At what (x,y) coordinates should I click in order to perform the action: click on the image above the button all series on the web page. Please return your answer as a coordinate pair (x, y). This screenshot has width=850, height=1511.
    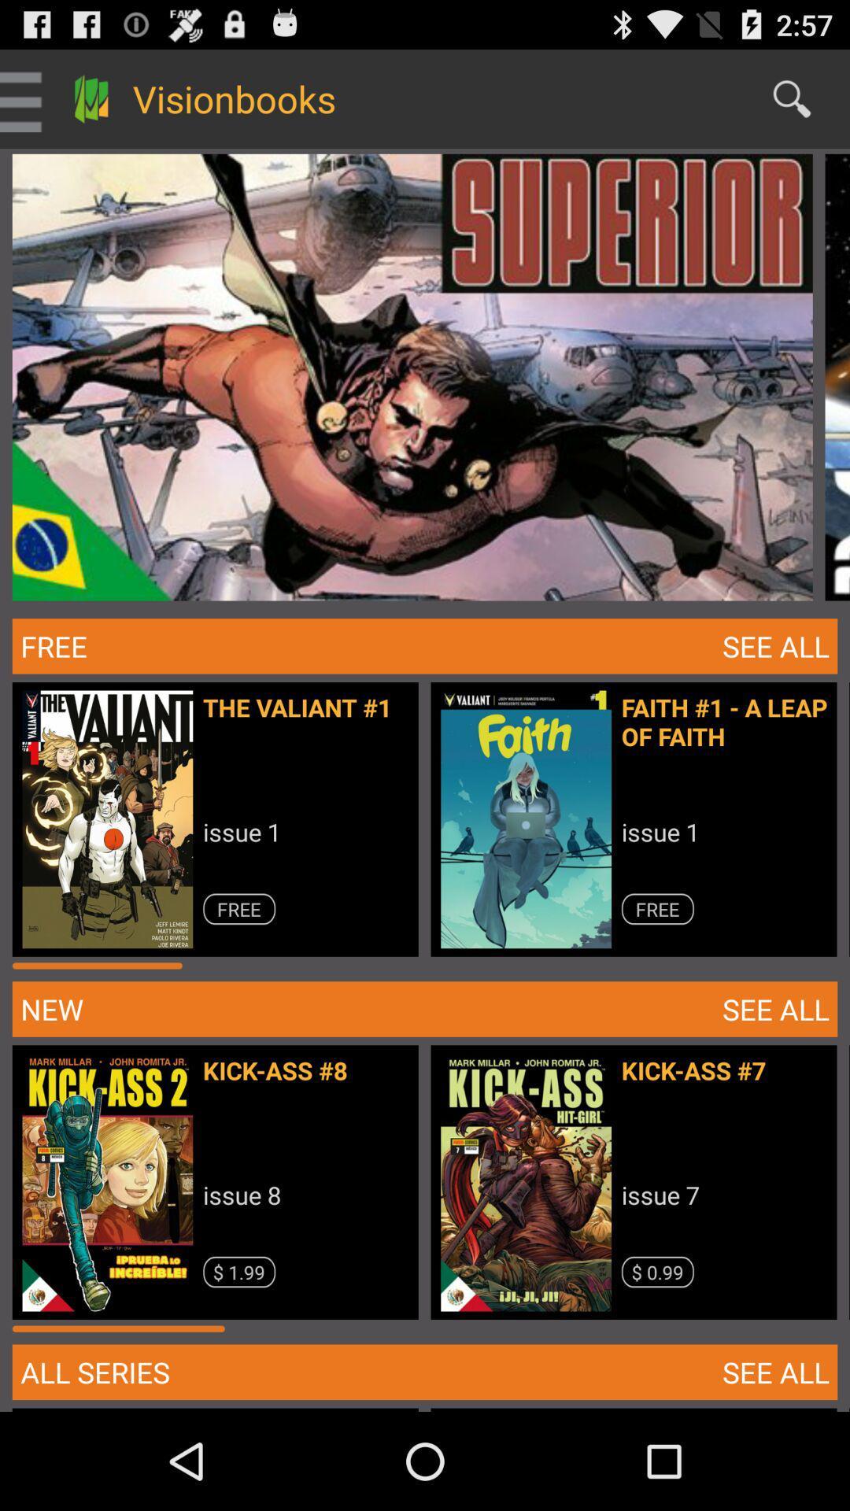
    Looking at the image, I should click on (107, 1182).